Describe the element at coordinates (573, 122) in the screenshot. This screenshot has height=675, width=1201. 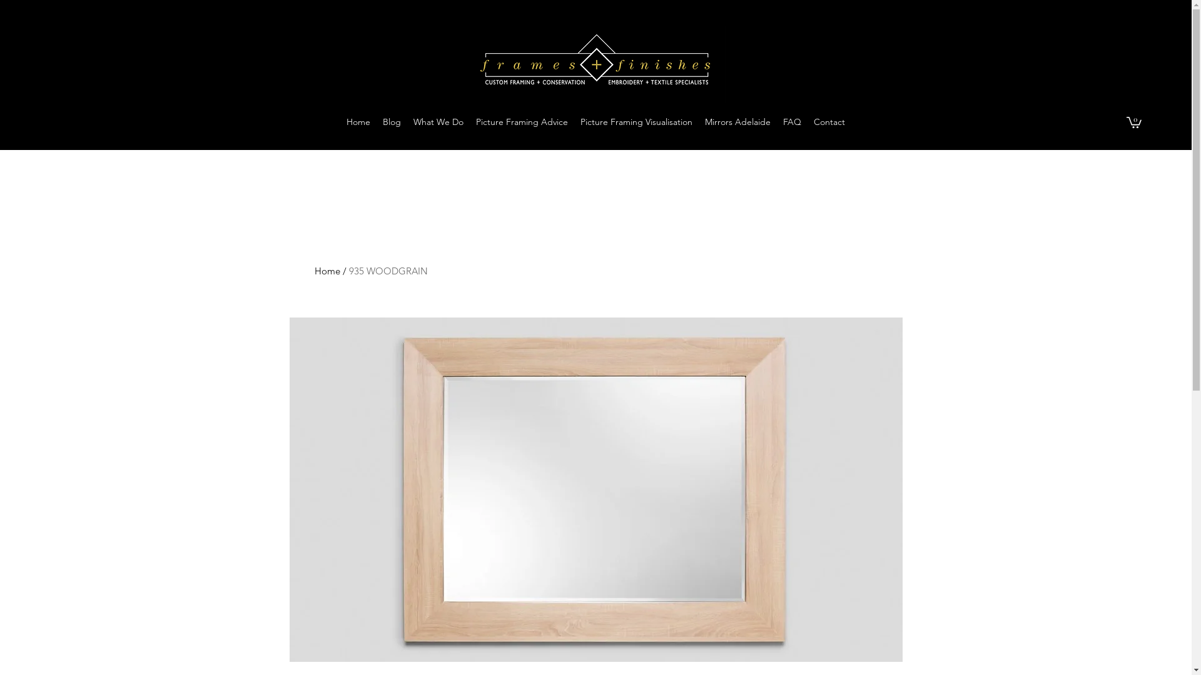
I see `'Picture Framing Visualisation'` at that location.